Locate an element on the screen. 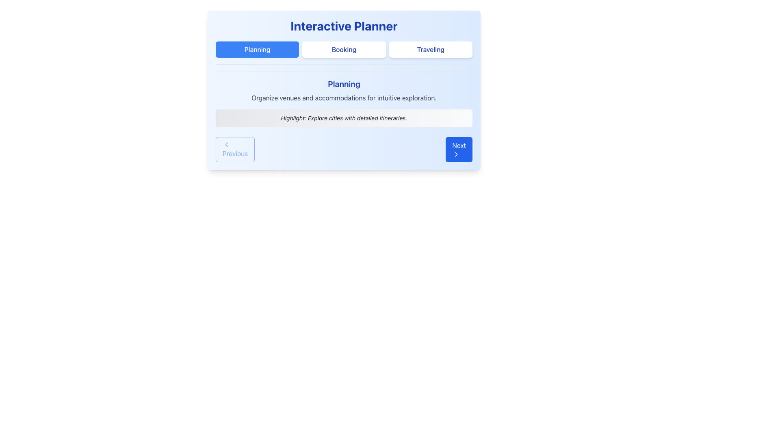  the blue 'Planning' button with white text is located at coordinates (257, 50).